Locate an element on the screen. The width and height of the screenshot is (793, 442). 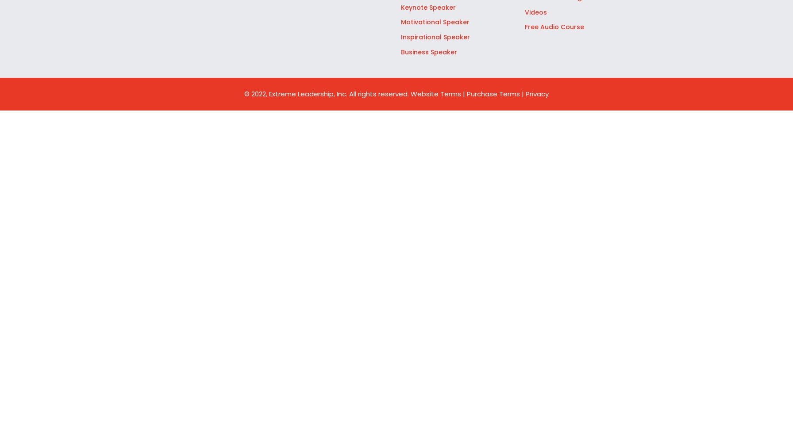
'Motivational Speaker' is located at coordinates (435, 22).